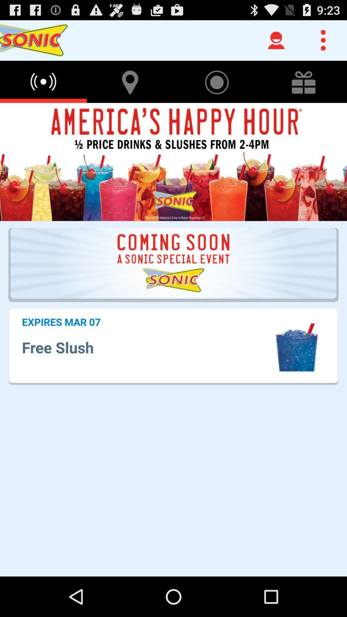  Describe the element at coordinates (304, 81) in the screenshot. I see `the gift box` at that location.